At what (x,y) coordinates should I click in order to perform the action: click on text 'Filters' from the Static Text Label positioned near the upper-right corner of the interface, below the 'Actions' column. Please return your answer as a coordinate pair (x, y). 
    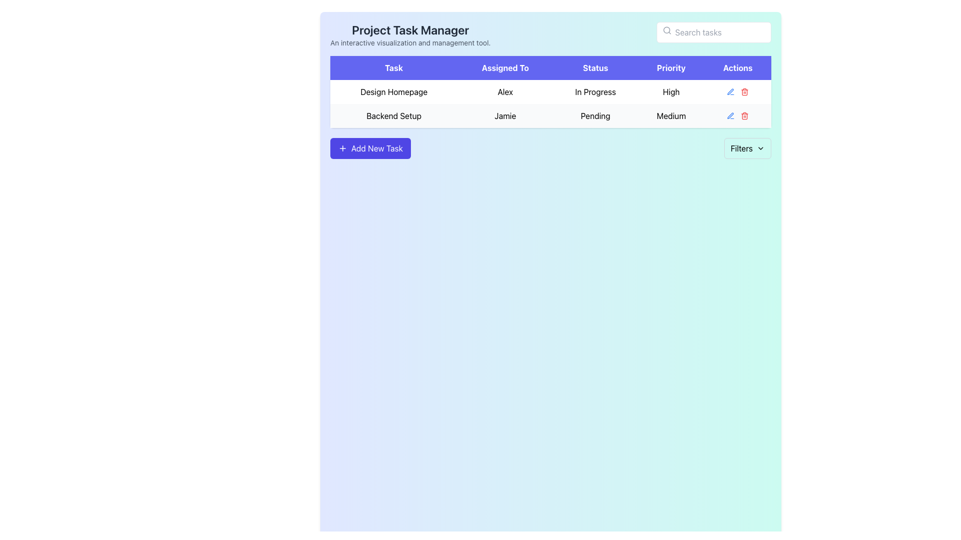
    Looking at the image, I should click on (741, 148).